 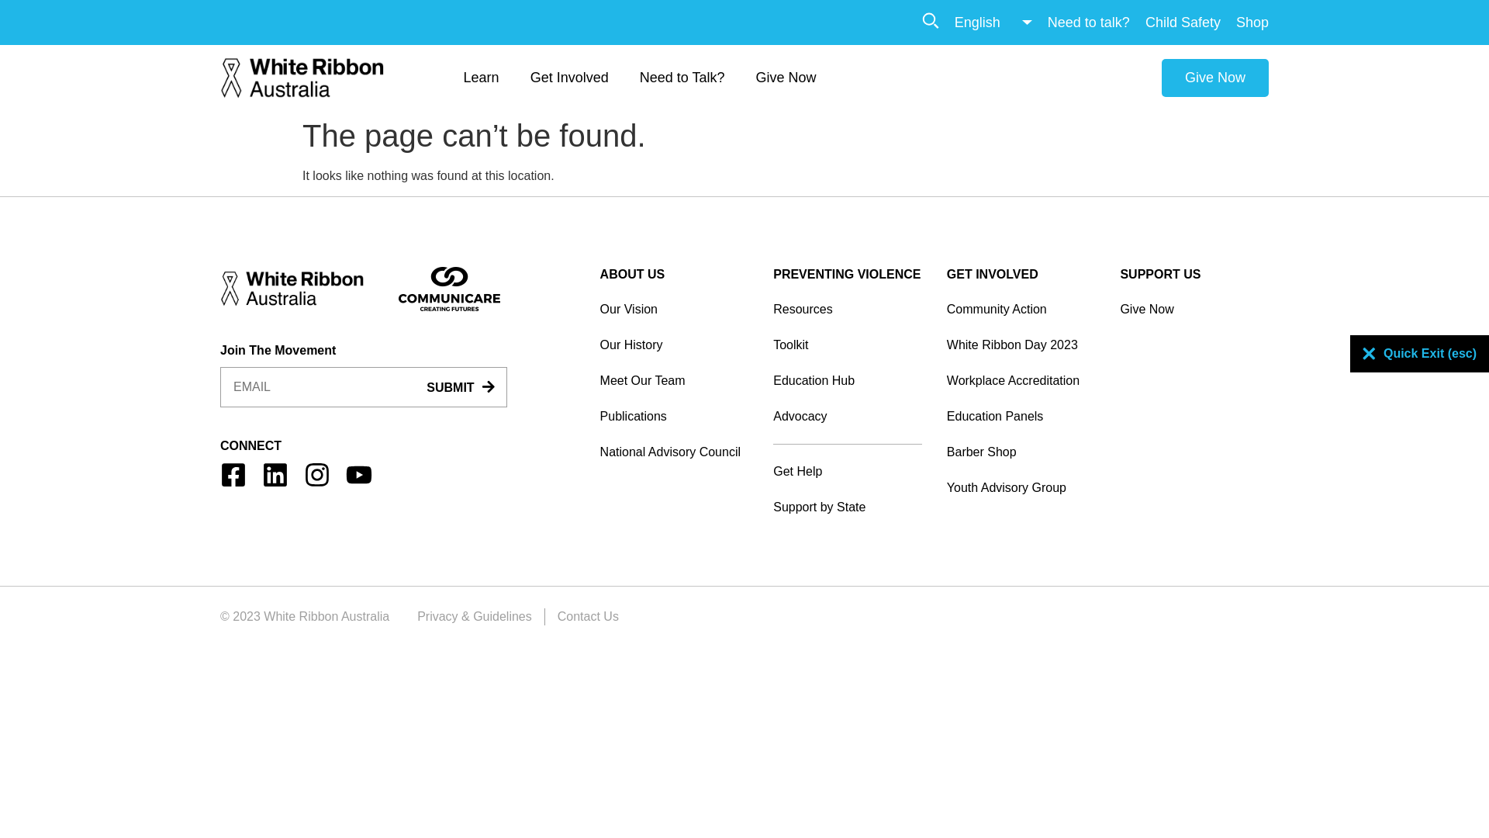 I want to click on 'Barber Shop', so click(x=1021, y=452).